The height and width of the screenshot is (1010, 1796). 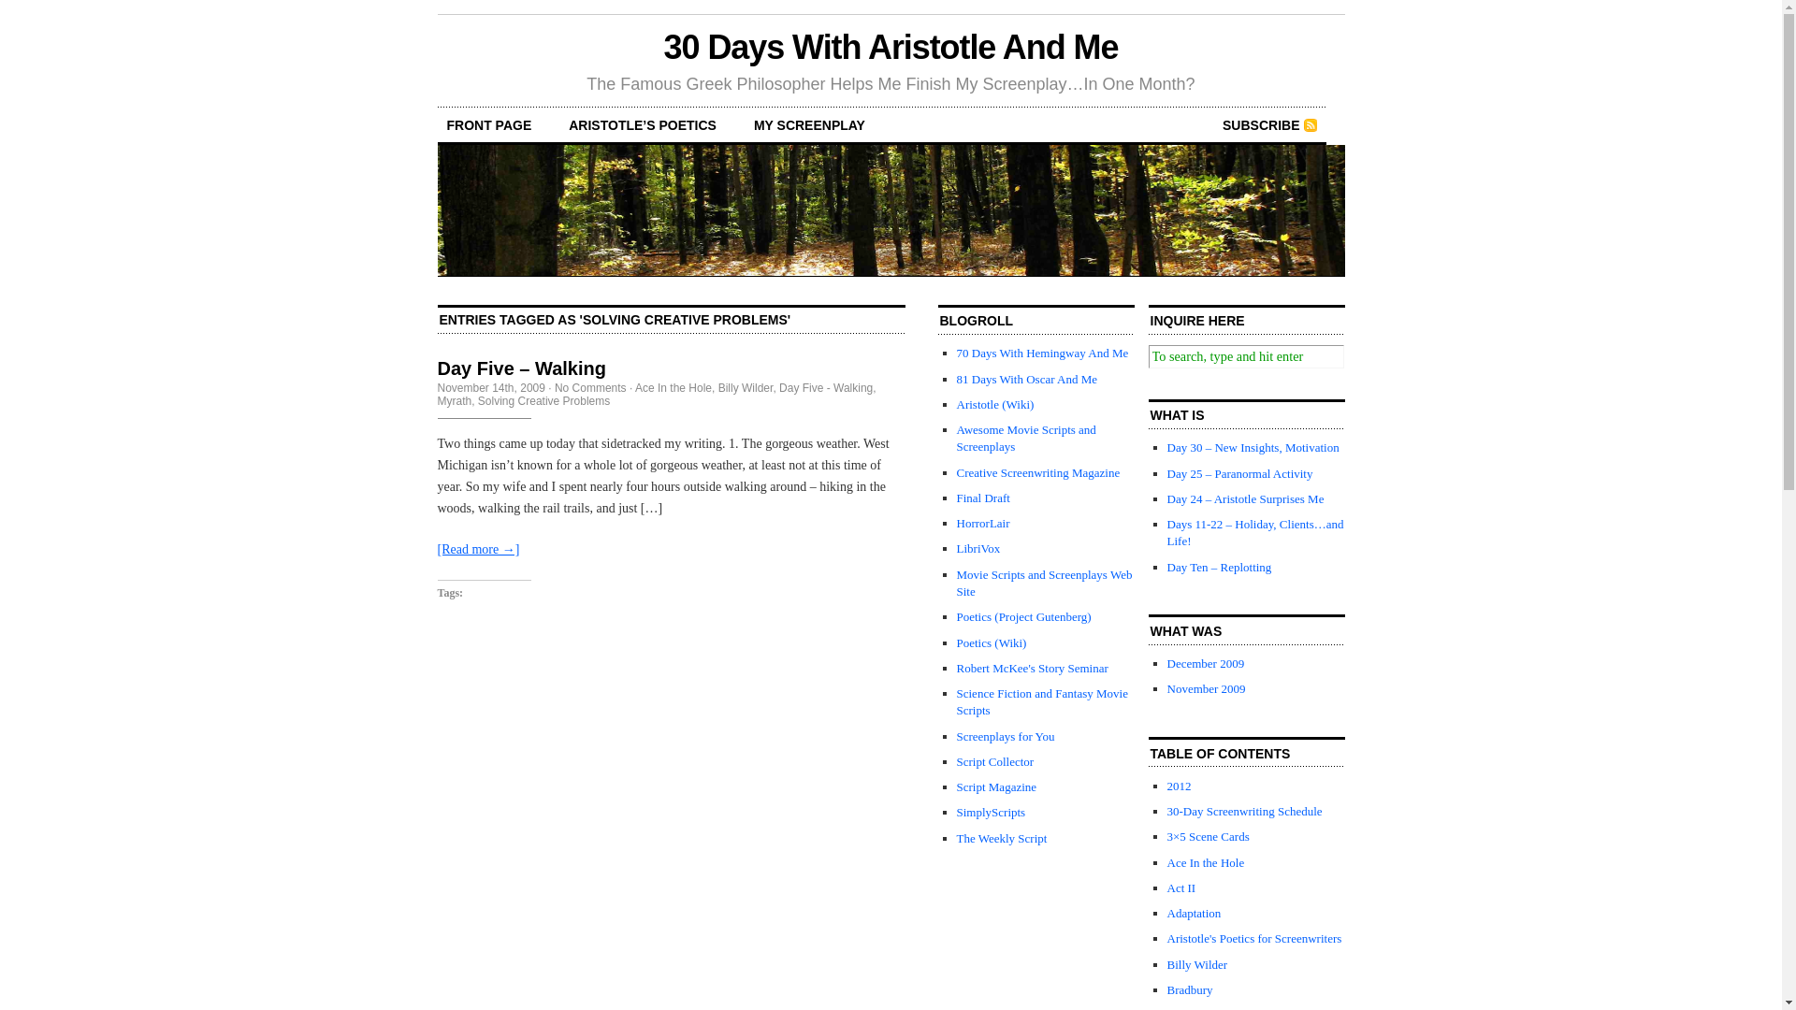 What do you see at coordinates (977, 547) in the screenshot?
I see `'LibriVox'` at bounding box center [977, 547].